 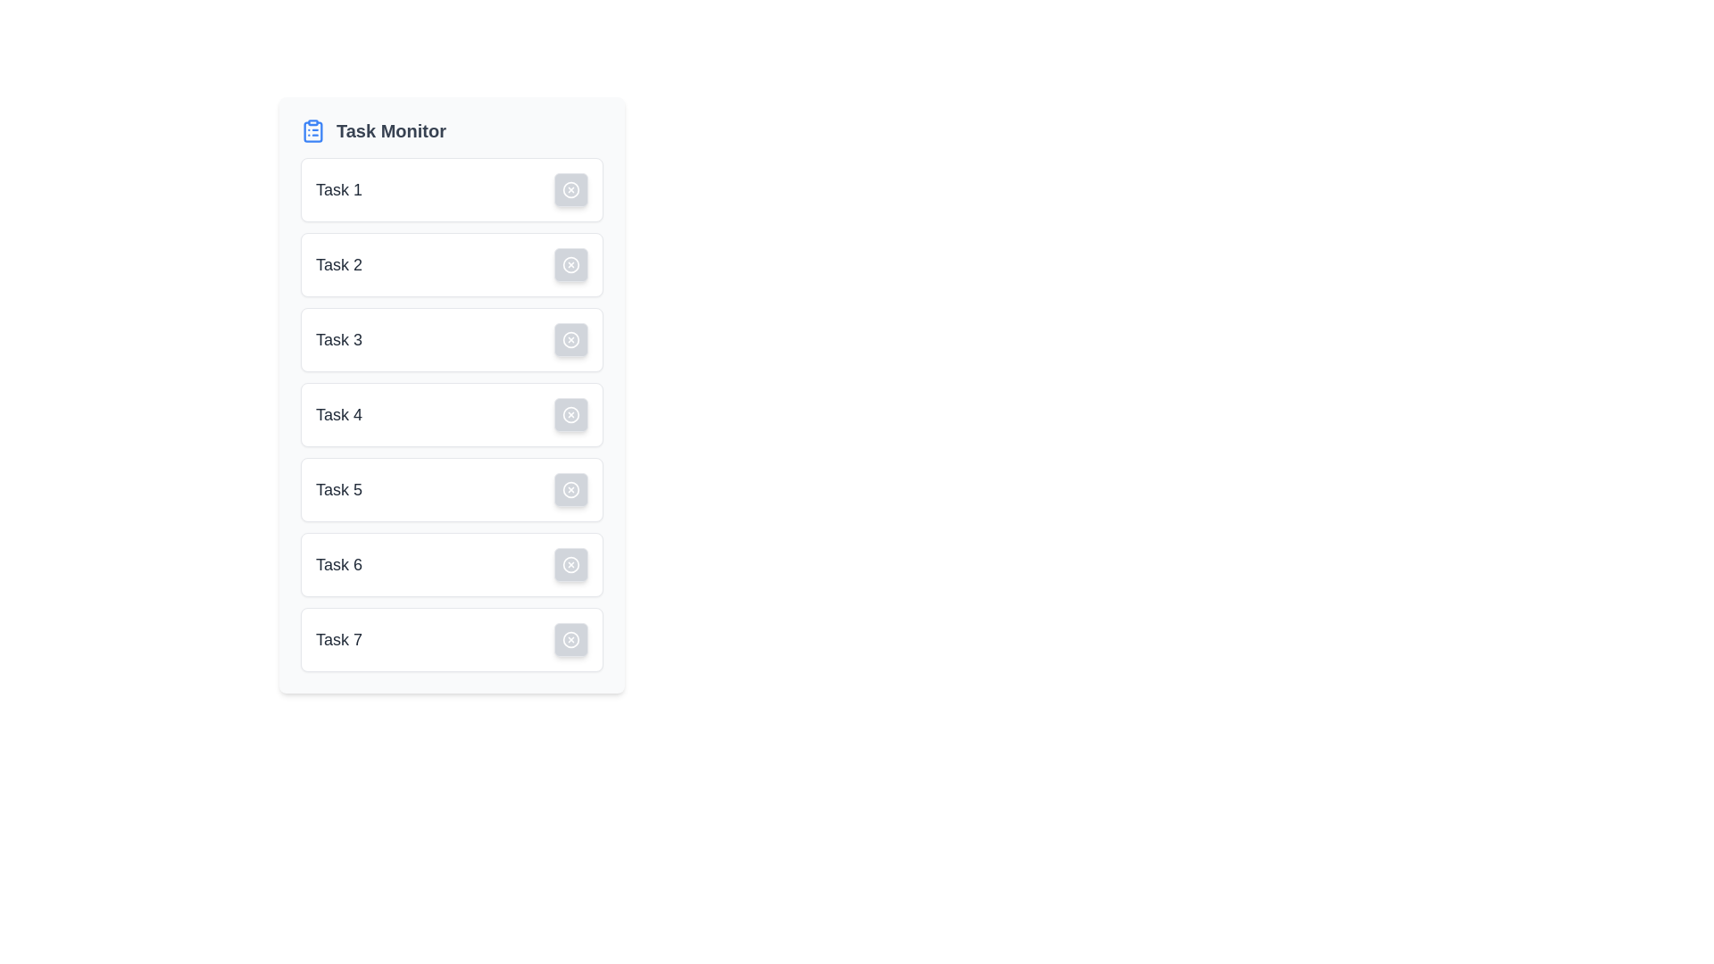 I want to click on the 'remove' or 'cancel' button icon located directly to the right of 'Task 2', so click(x=570, y=265).